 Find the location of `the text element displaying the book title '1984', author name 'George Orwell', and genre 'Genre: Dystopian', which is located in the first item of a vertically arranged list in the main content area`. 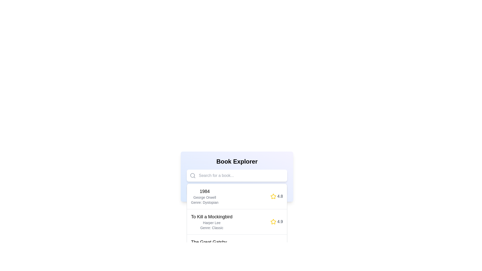

the text element displaying the book title '1984', author name 'George Orwell', and genre 'Genre: Dystopian', which is located in the first item of a vertically arranged list in the main content area is located at coordinates (205, 196).